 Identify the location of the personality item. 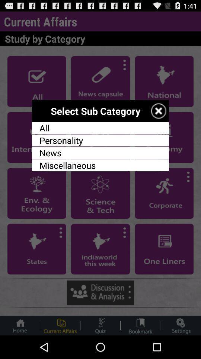
(100, 140).